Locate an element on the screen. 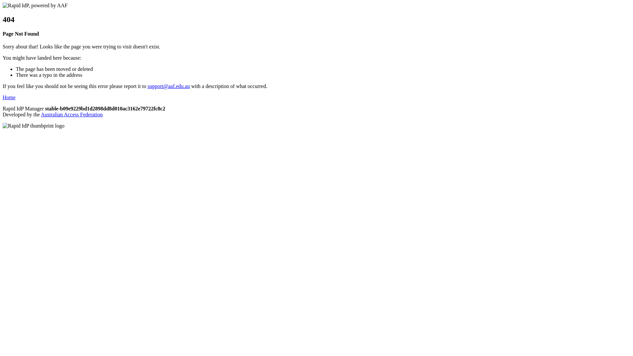 Image resolution: width=633 pixels, height=356 pixels. 'Australian Access Federation' is located at coordinates (41, 114).